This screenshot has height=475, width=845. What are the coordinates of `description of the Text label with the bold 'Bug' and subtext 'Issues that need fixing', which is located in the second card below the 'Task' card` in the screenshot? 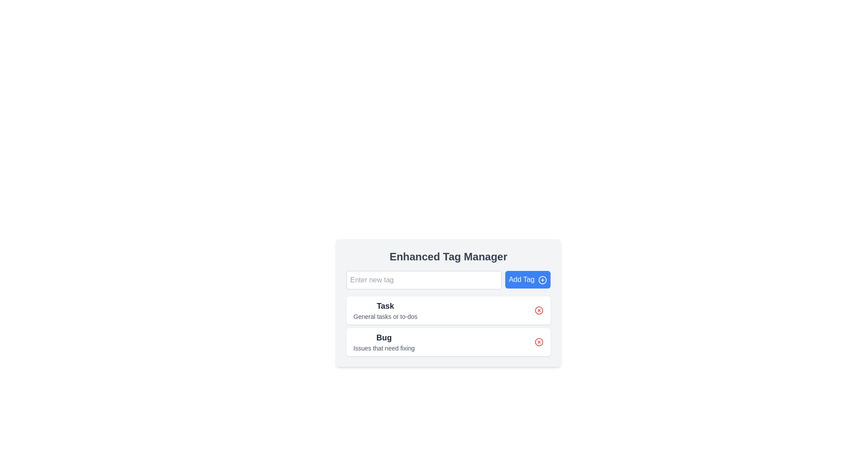 It's located at (384, 342).